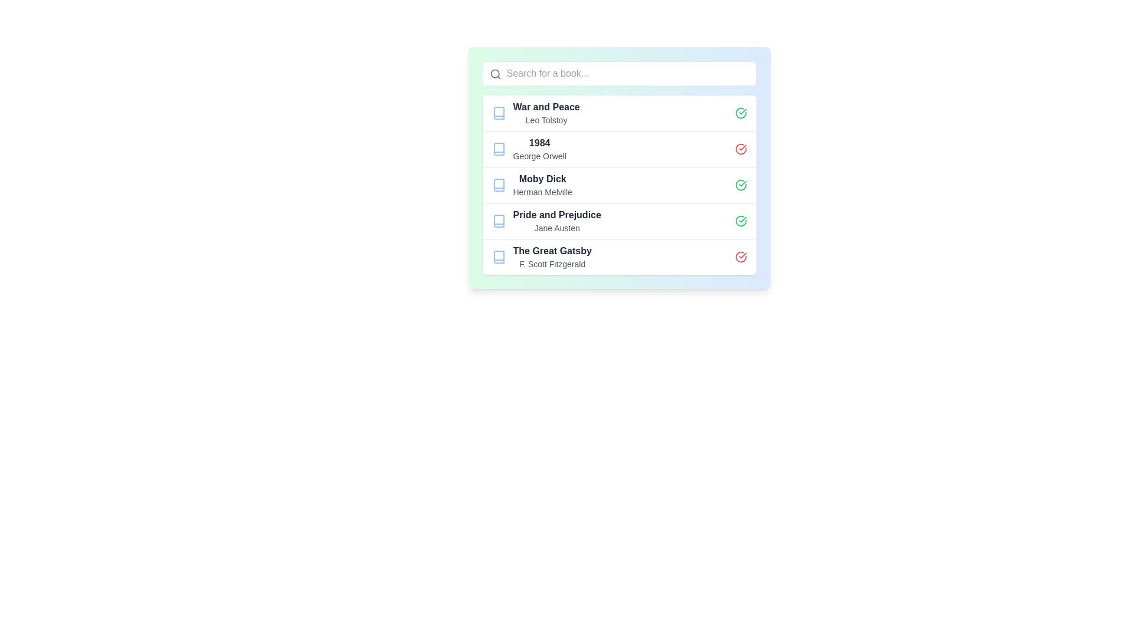 This screenshot has width=1133, height=637. I want to click on the 'War and Peace' book entry list item, which is the first item in the vertical list under the search bar, so click(618, 113).